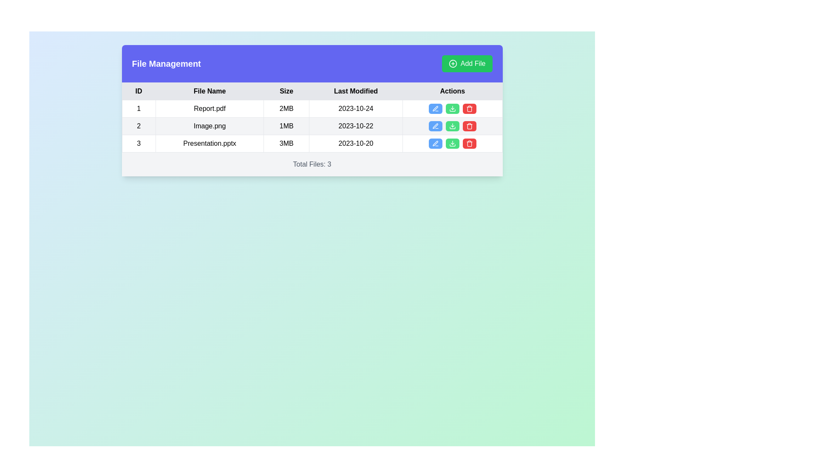 This screenshot has width=816, height=459. What do you see at coordinates (469, 126) in the screenshot?
I see `the trash can icon with a red background in the Actions column of the third row` at bounding box center [469, 126].